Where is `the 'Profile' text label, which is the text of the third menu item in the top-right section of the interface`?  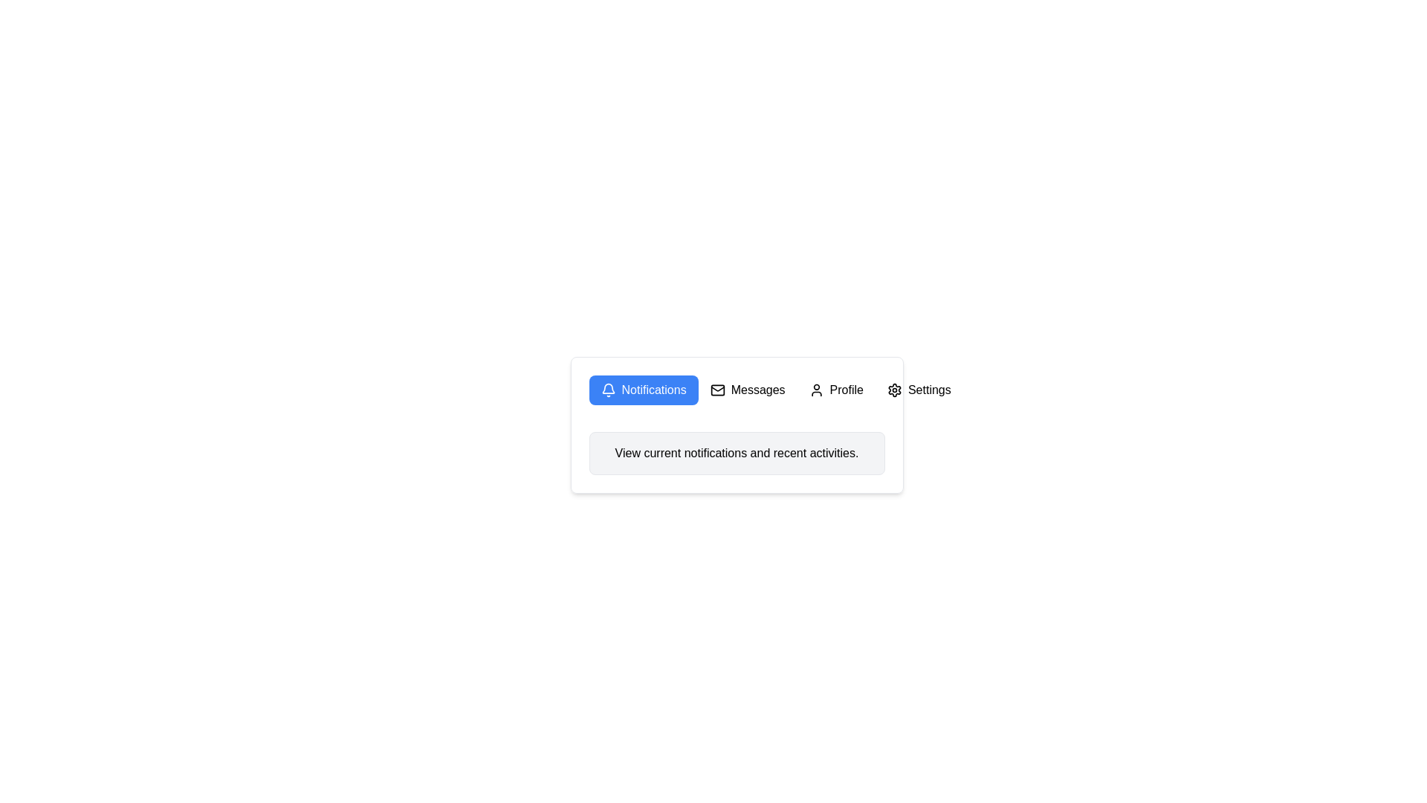
the 'Profile' text label, which is the text of the third menu item in the top-right section of the interface is located at coordinates (847, 389).